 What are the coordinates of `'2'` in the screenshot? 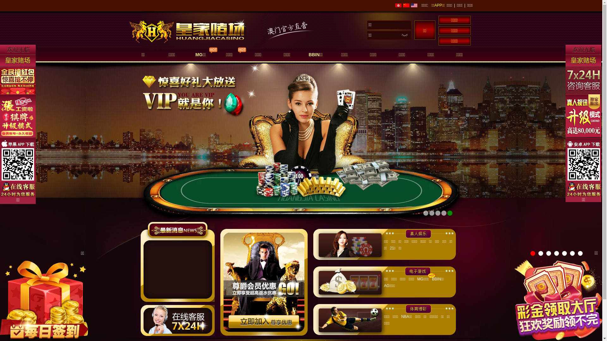 It's located at (540, 253).